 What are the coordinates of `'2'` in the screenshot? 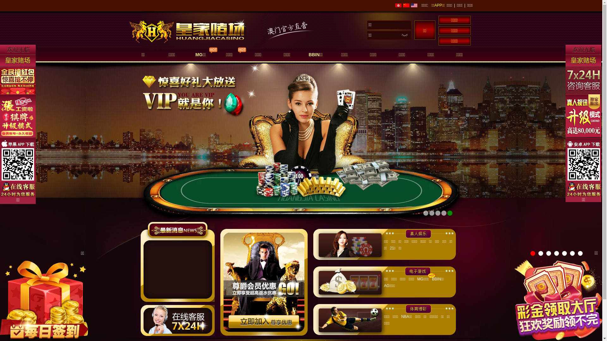 It's located at (540, 253).